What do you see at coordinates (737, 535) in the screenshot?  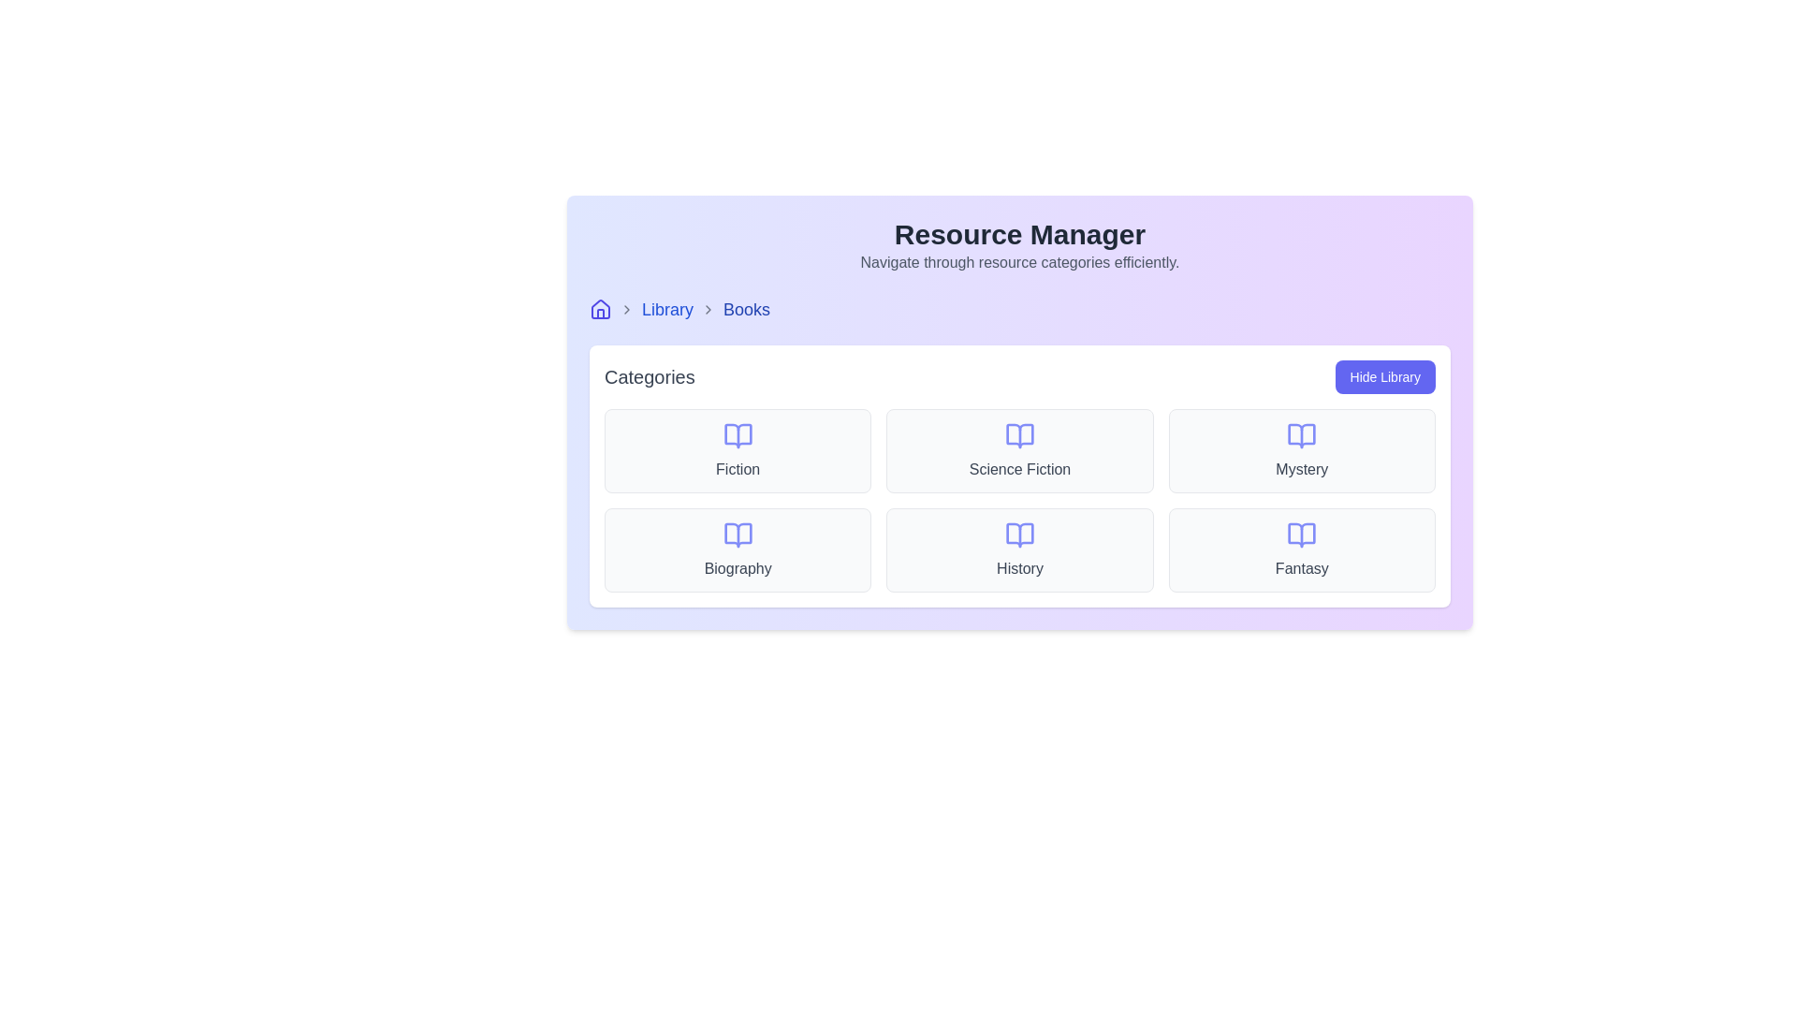 I see `the decorative 'Biography' icon located in the bottom-left area of the 'Categories' section grid, specifically the second row, first column icon` at bounding box center [737, 535].